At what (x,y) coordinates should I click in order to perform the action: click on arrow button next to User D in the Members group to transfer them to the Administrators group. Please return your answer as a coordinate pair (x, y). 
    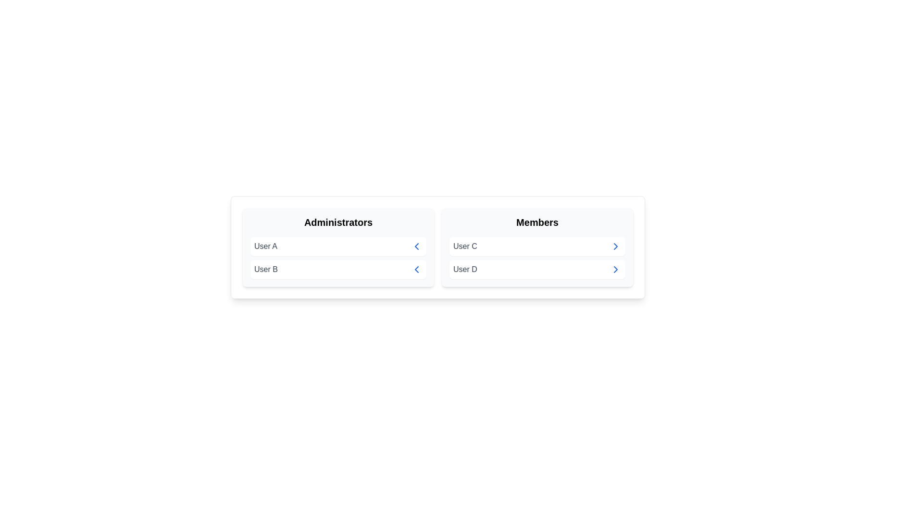
    Looking at the image, I should click on (616, 269).